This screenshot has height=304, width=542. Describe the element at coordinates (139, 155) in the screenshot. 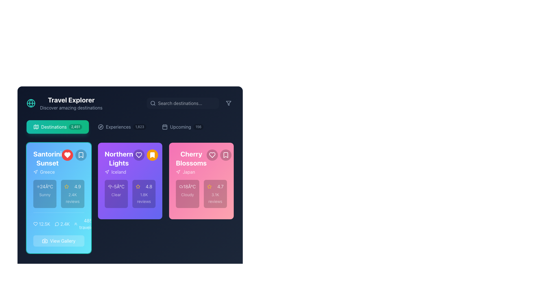

I see `the heart icon located in the upper-right area of the card for the 'Northern Lights' travel destination to mark it as a favorite` at that location.